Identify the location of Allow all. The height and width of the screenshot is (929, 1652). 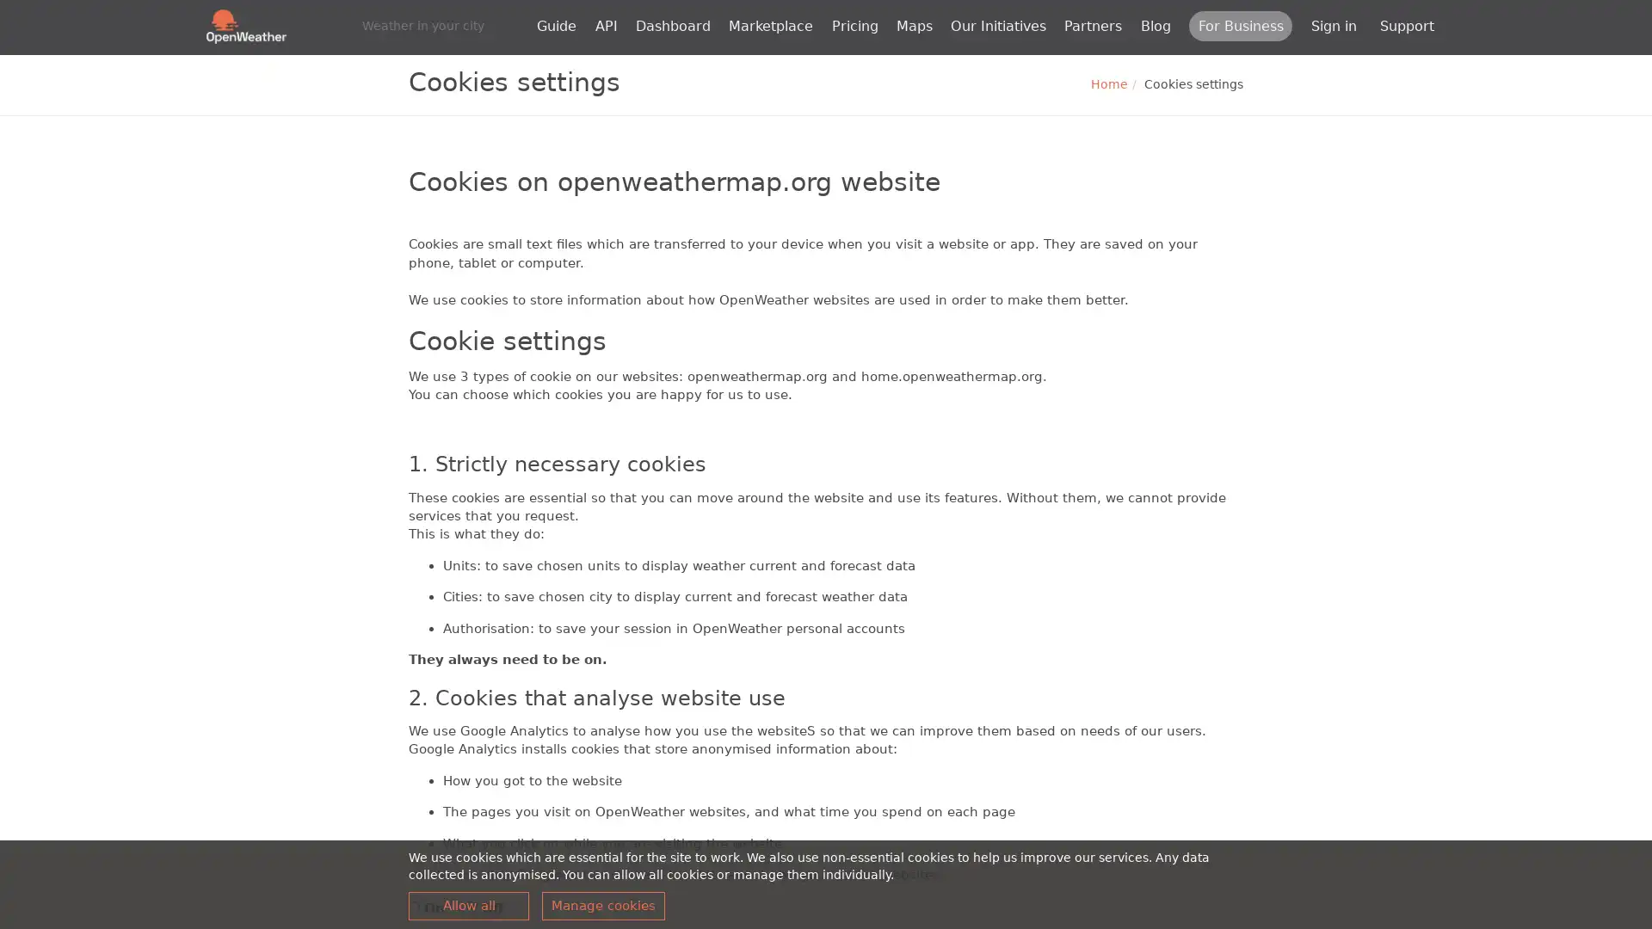
(469, 905).